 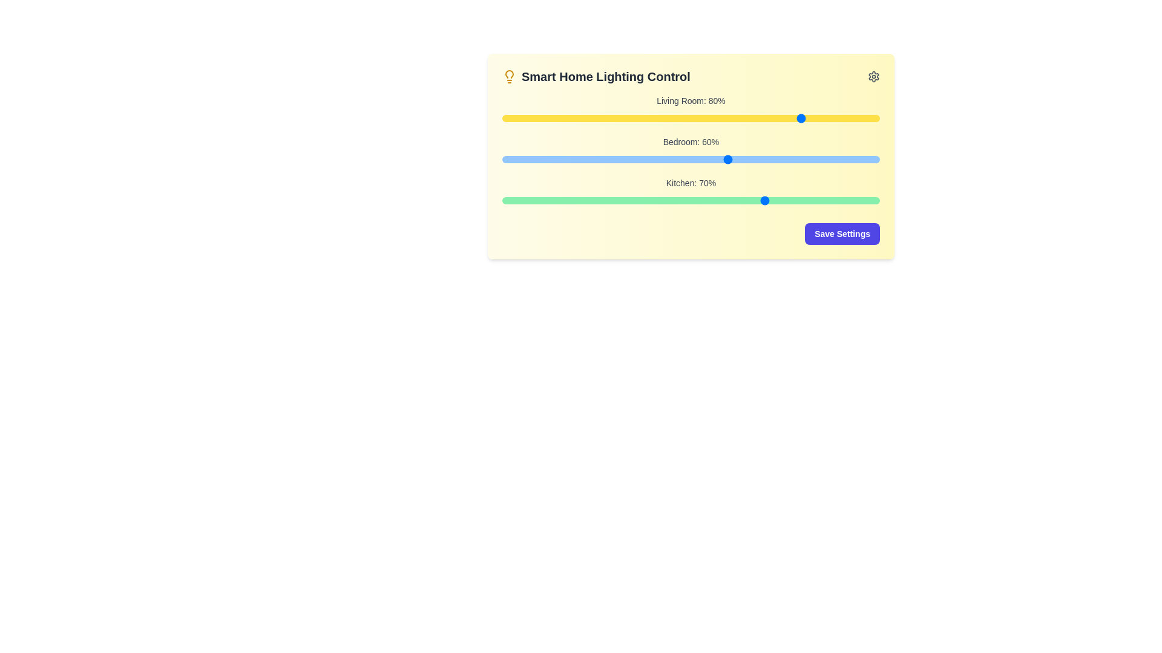 I want to click on the living room light intensity, so click(x=819, y=119).